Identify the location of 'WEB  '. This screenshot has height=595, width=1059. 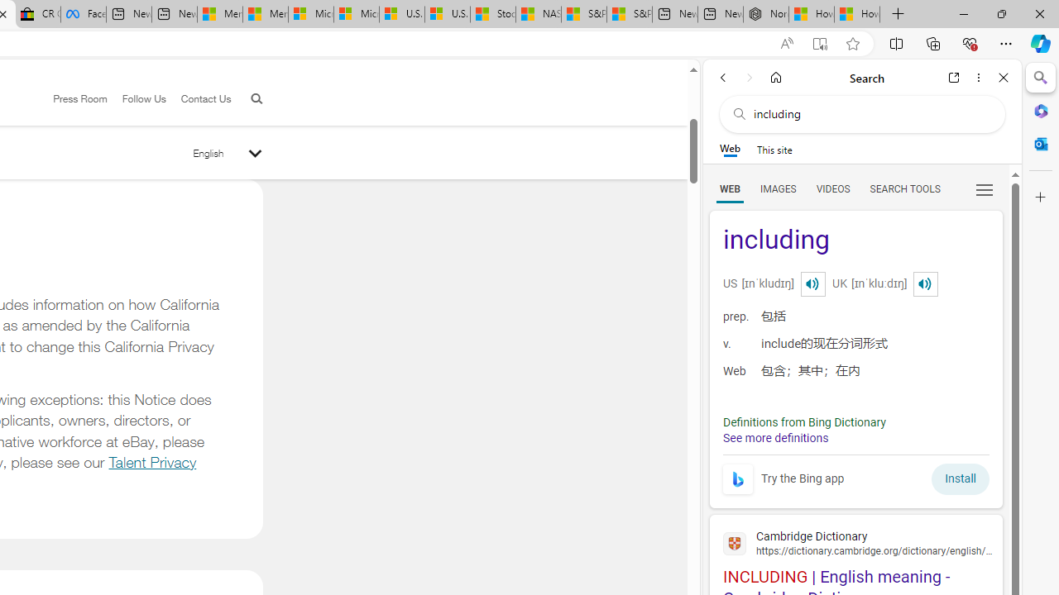
(729, 188).